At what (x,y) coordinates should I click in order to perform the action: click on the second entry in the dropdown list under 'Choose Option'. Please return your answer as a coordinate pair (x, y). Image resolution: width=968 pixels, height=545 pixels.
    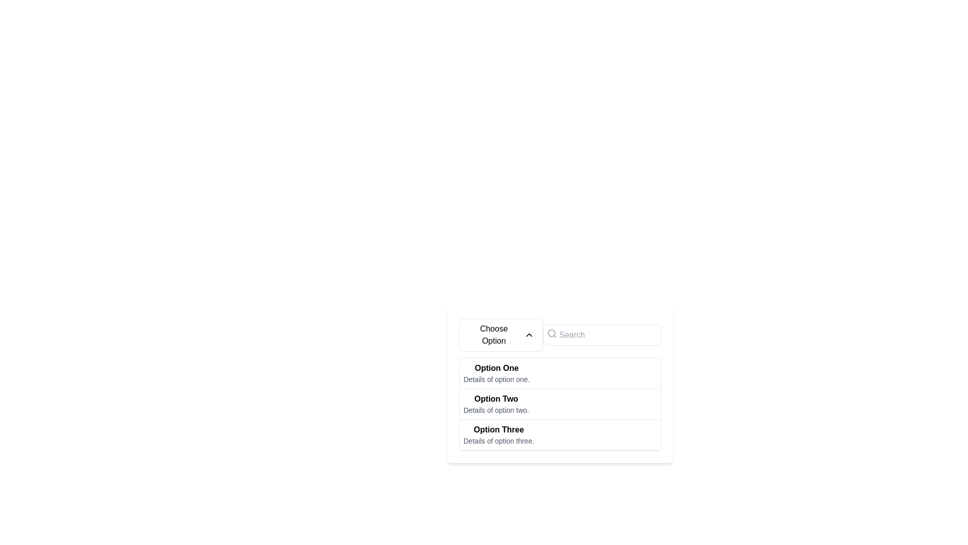
    Looking at the image, I should click on (496, 404).